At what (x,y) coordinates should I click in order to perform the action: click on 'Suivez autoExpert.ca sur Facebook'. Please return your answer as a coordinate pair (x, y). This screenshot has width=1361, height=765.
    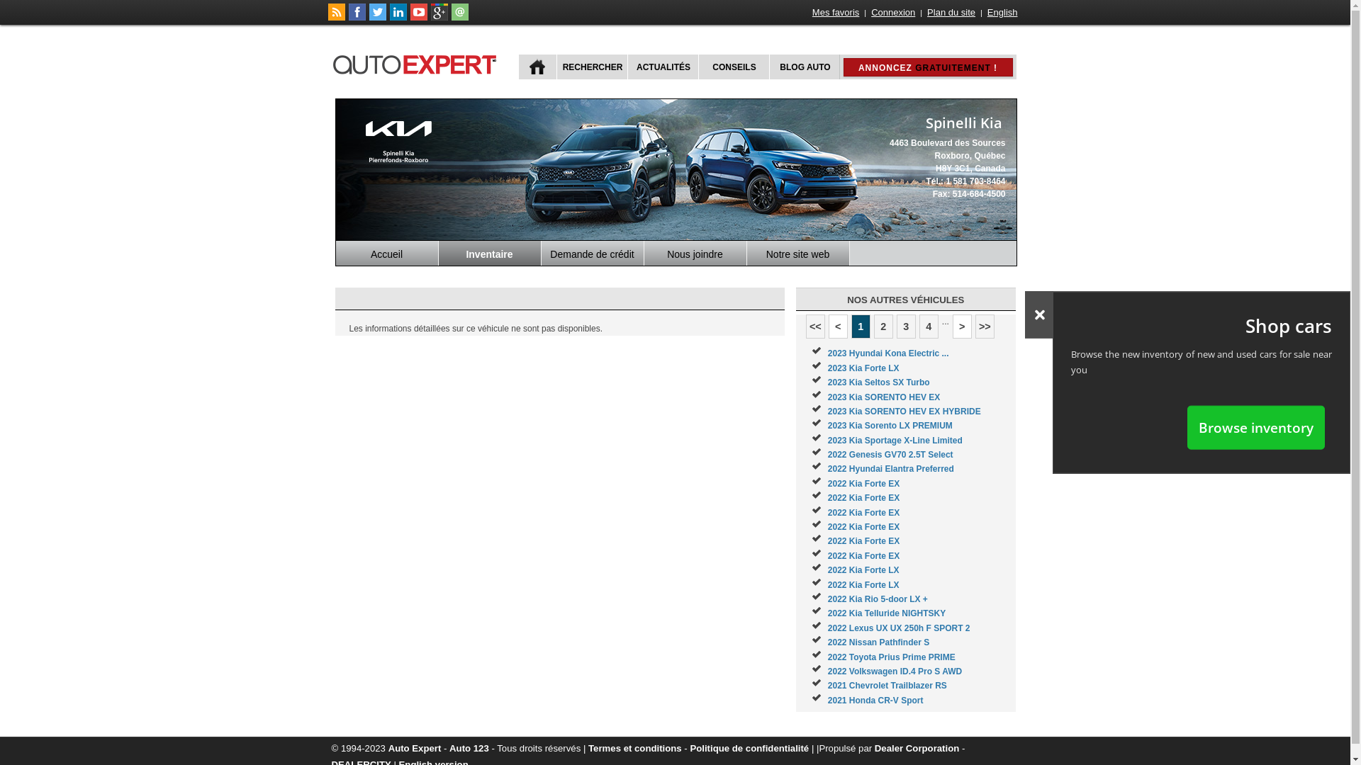
    Looking at the image, I should click on (348, 17).